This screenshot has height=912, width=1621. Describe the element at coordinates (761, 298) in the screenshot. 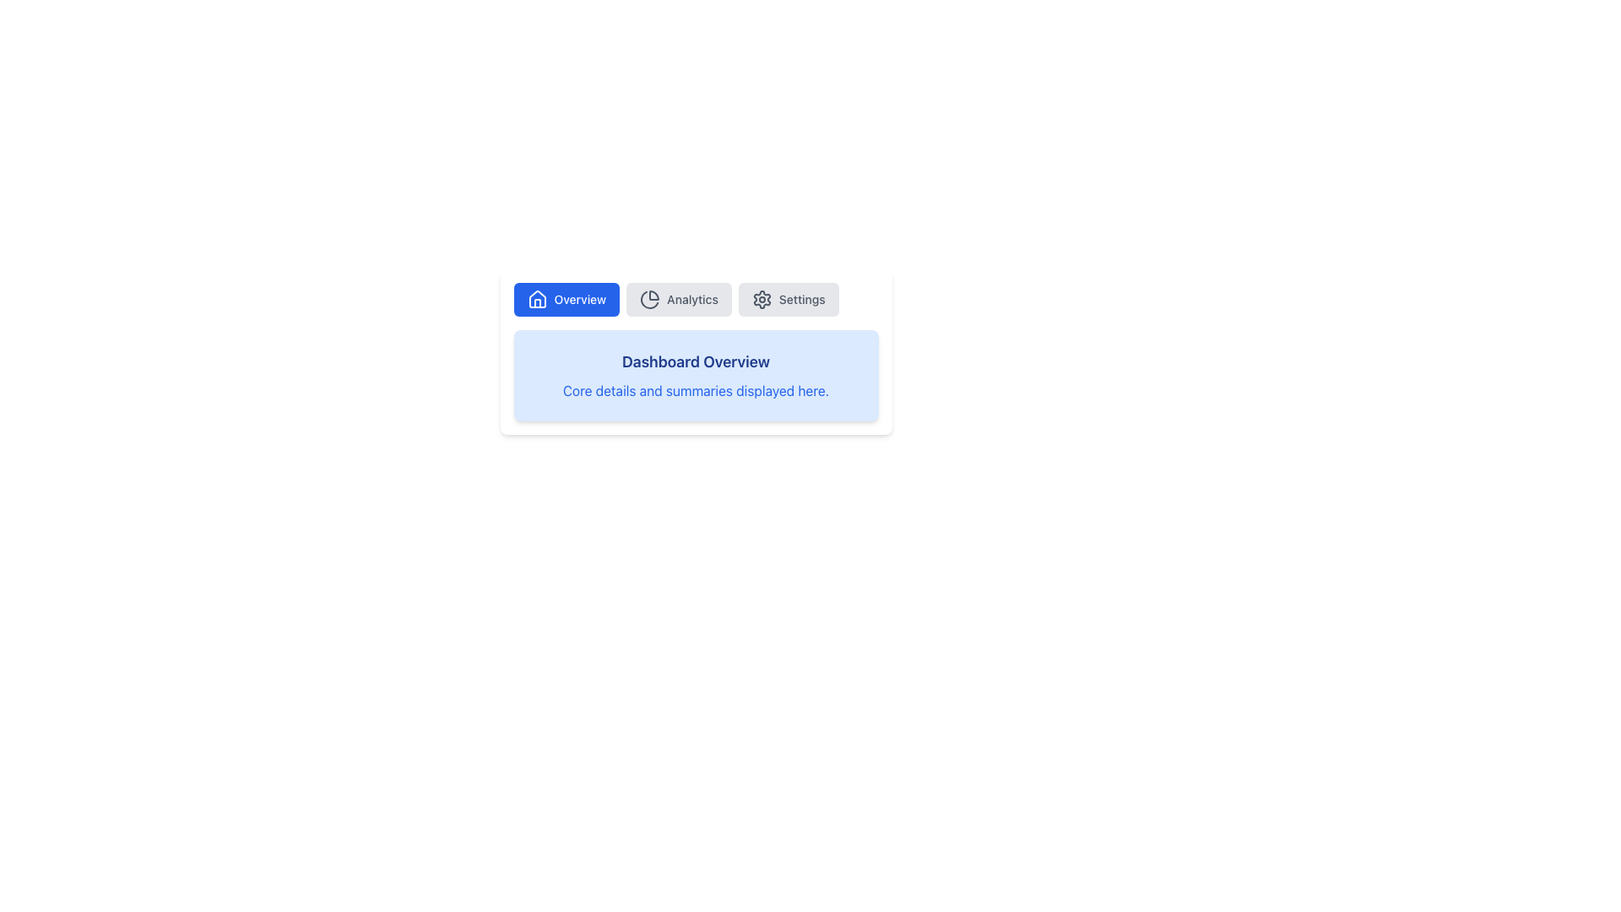

I see `the gear-shaped icon within the 'Settings' button` at that location.